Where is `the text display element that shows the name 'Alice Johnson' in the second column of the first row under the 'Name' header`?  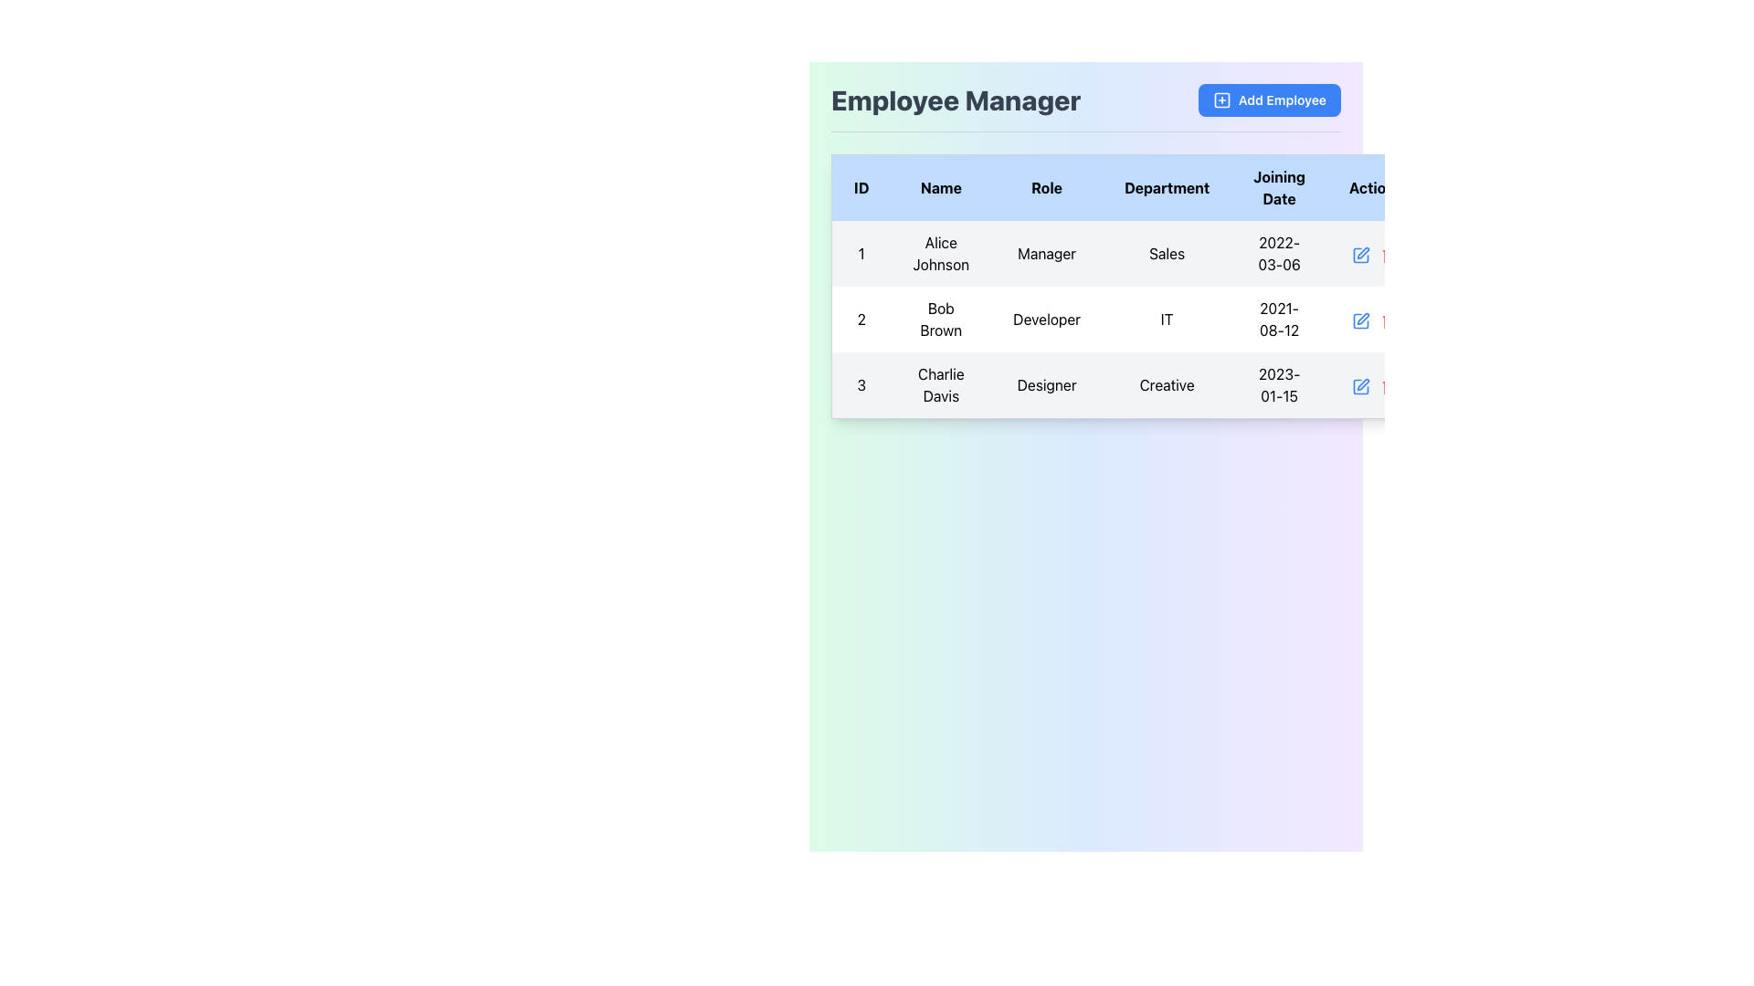
the text display element that shows the name 'Alice Johnson' in the second column of the first row under the 'Name' header is located at coordinates (941, 253).